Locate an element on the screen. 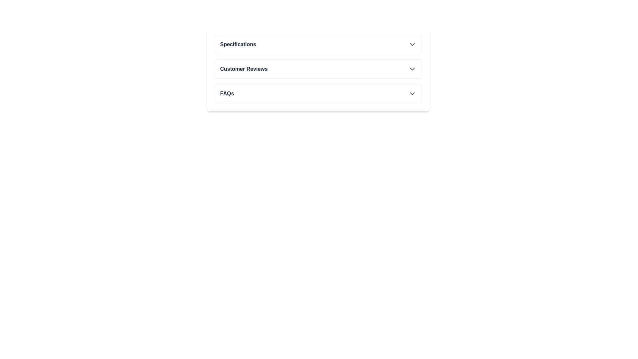 The width and height of the screenshot is (638, 359). the 'Specifications' text label is located at coordinates (238, 45).